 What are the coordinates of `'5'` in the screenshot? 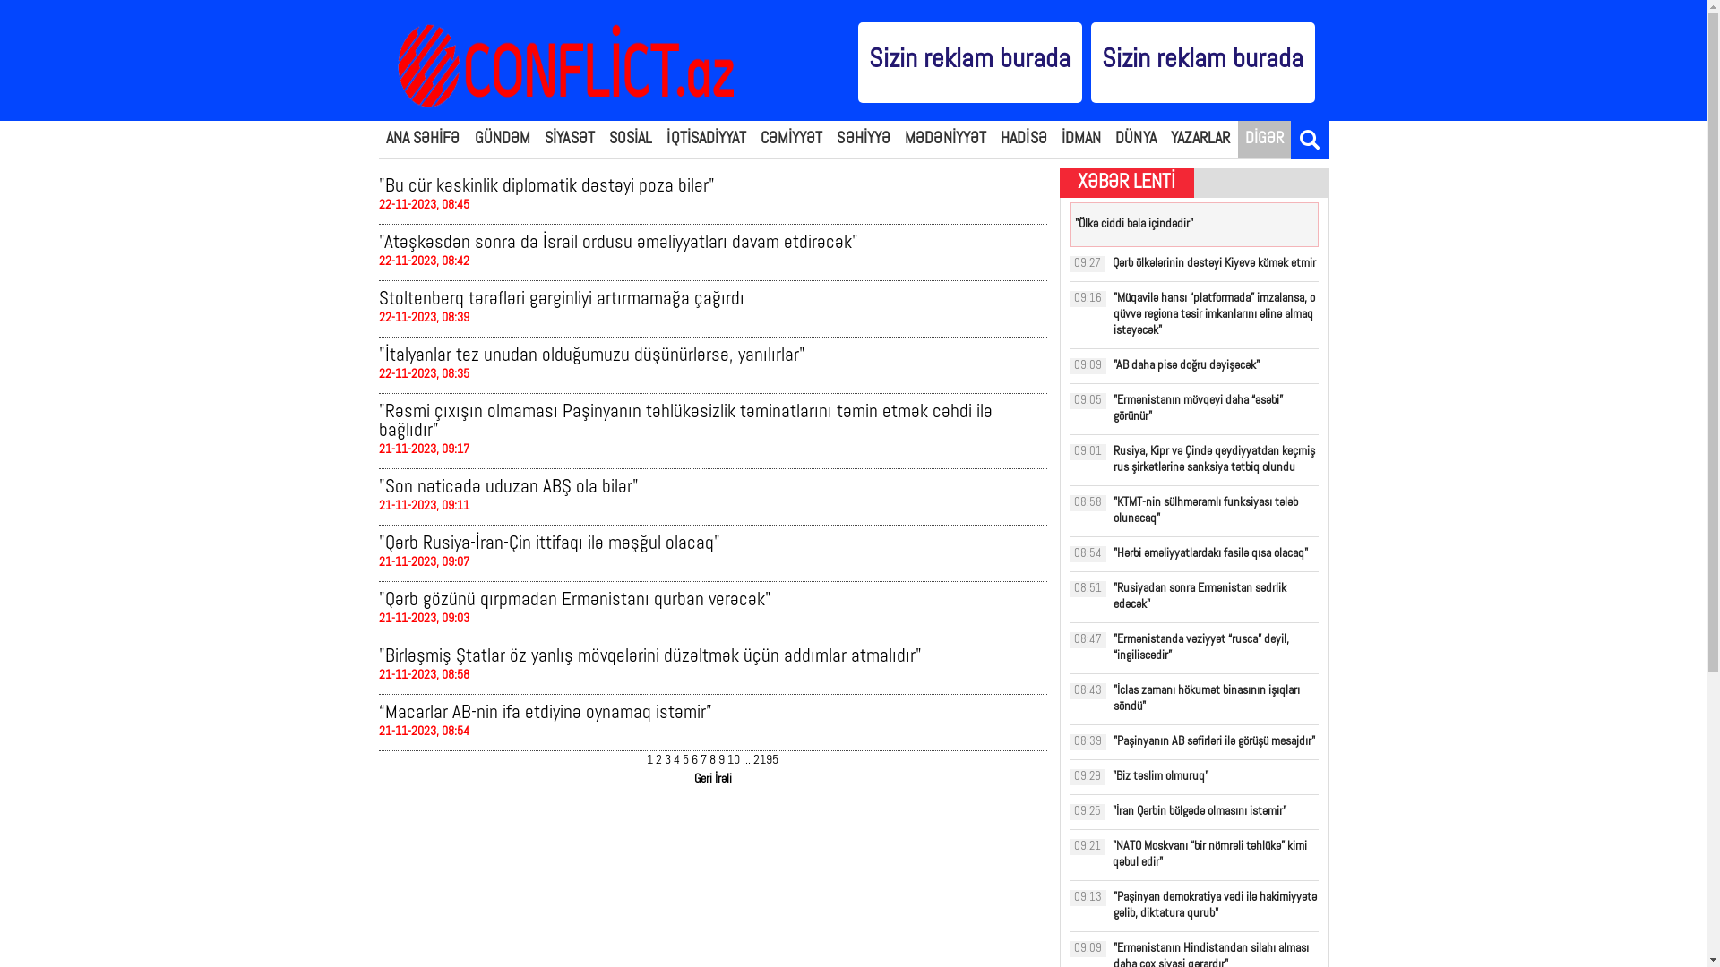 It's located at (684, 760).